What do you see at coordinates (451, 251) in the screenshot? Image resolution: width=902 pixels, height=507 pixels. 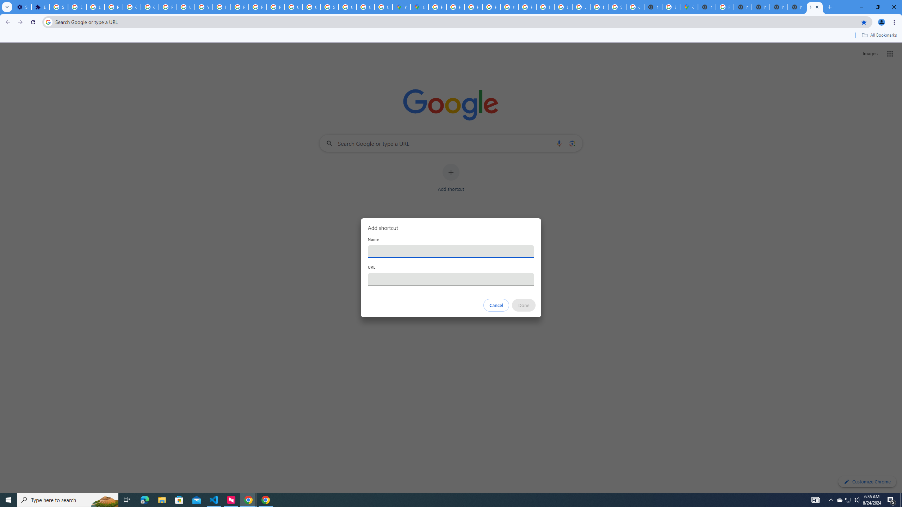 I see `'Name'` at bounding box center [451, 251].